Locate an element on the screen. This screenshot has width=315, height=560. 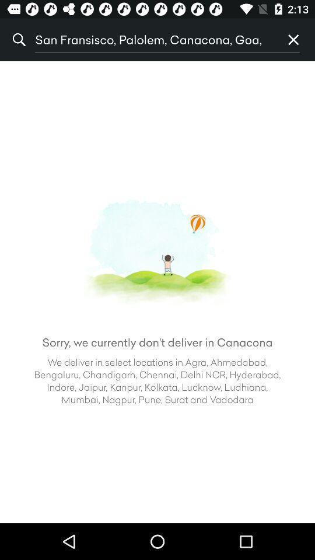
the p icon is located at coordinates (293, 40).